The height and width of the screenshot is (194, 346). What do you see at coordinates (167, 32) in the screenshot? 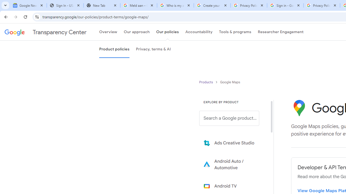
I see `'Our policies'` at bounding box center [167, 32].